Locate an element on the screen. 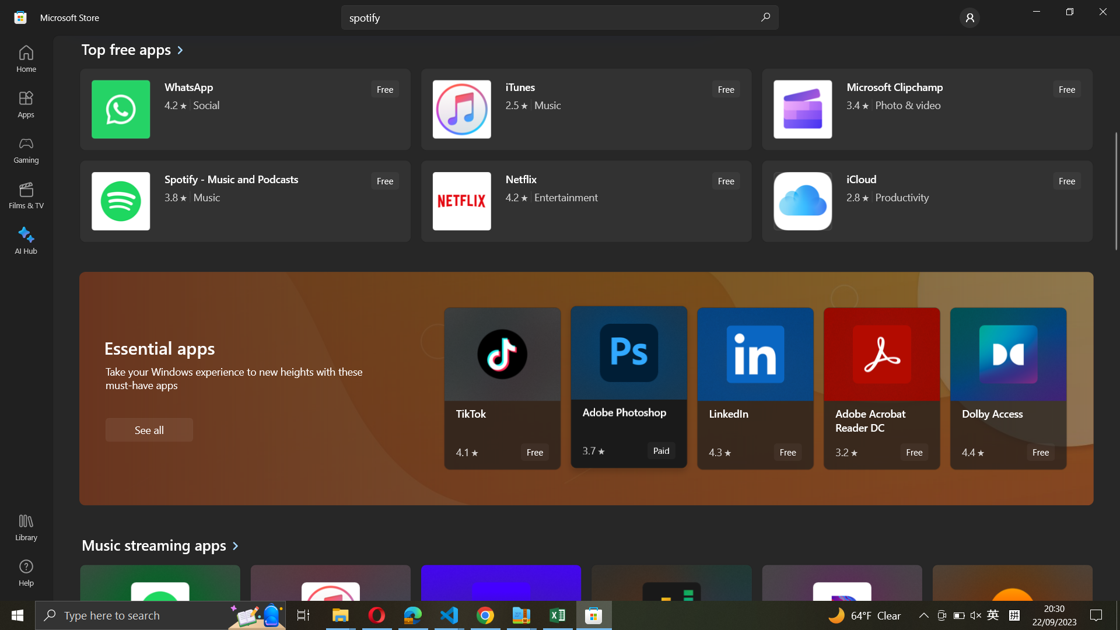 Image resolution: width=1120 pixels, height=630 pixels. Tiktok application details is located at coordinates (502, 388).